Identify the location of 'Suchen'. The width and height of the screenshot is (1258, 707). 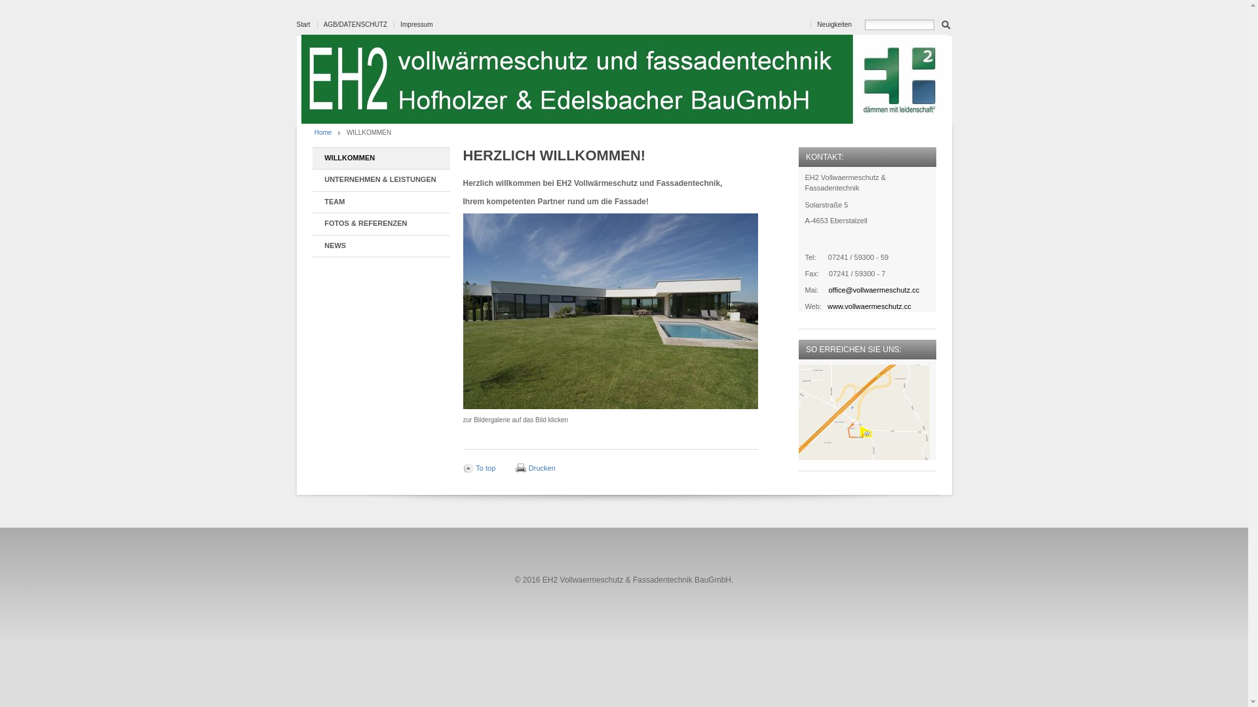
(940, 23).